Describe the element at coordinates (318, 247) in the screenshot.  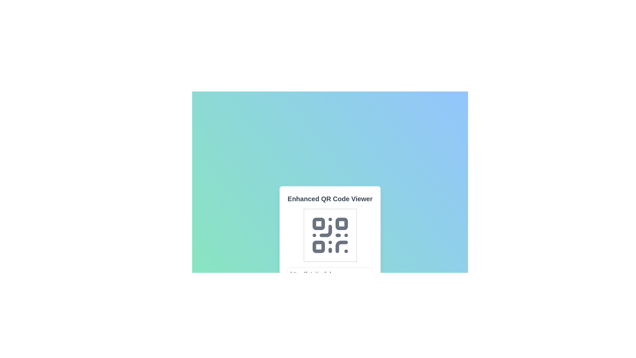
I see `the bottom-left square of the QR code pattern displayed in the center of the interface` at that location.